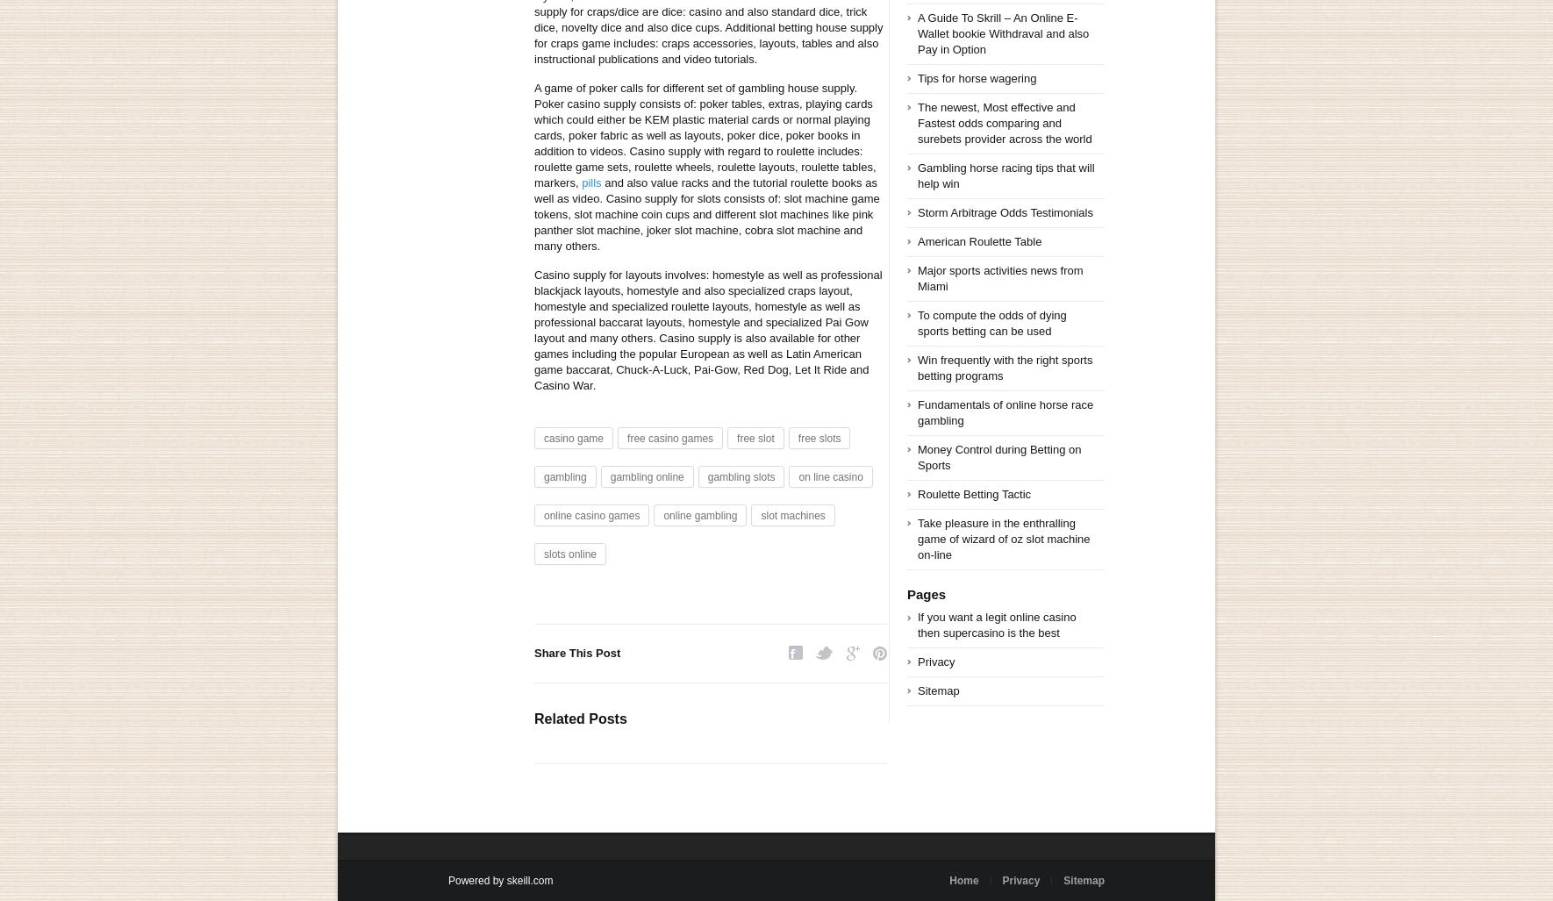 The height and width of the screenshot is (901, 1553). Describe the element at coordinates (646, 476) in the screenshot. I see `'gambling online'` at that location.